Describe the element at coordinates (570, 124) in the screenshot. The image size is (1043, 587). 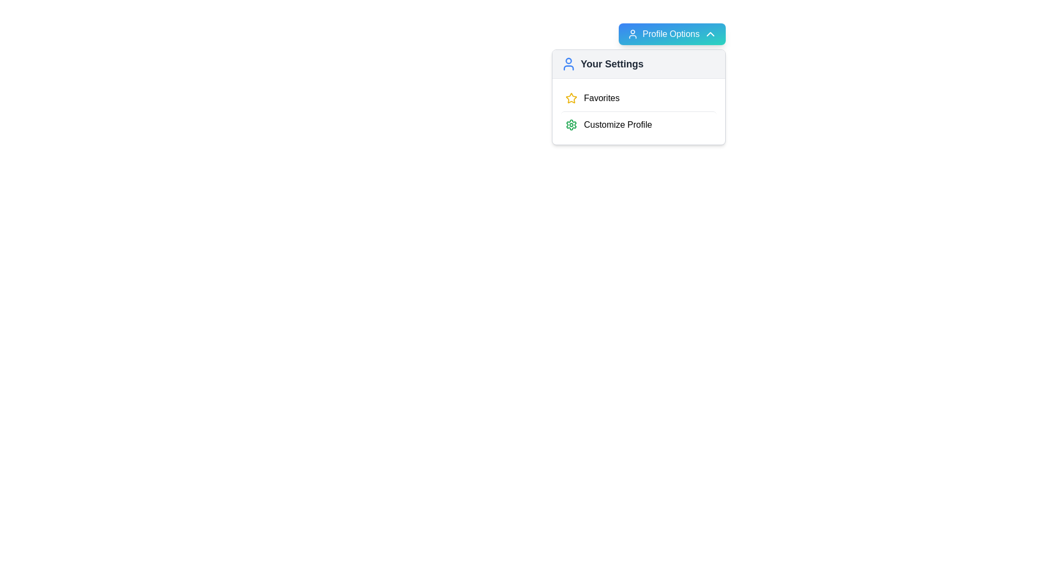
I see `the 'Customize Profile' text next to the settings icon in the dropdown menu` at that location.